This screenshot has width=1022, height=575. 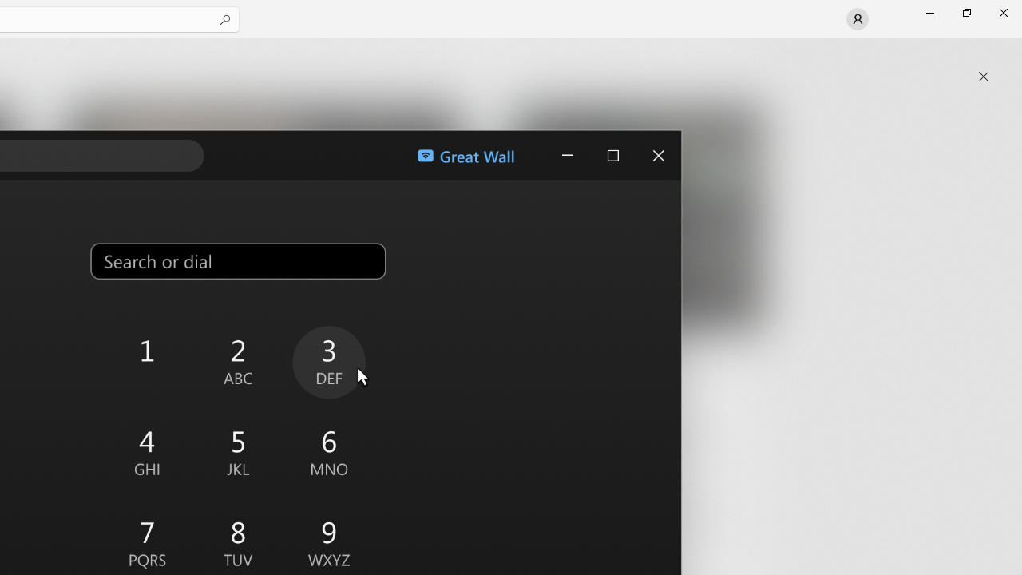 I want to click on 'Close Microsoft Store', so click(x=1002, y=12).